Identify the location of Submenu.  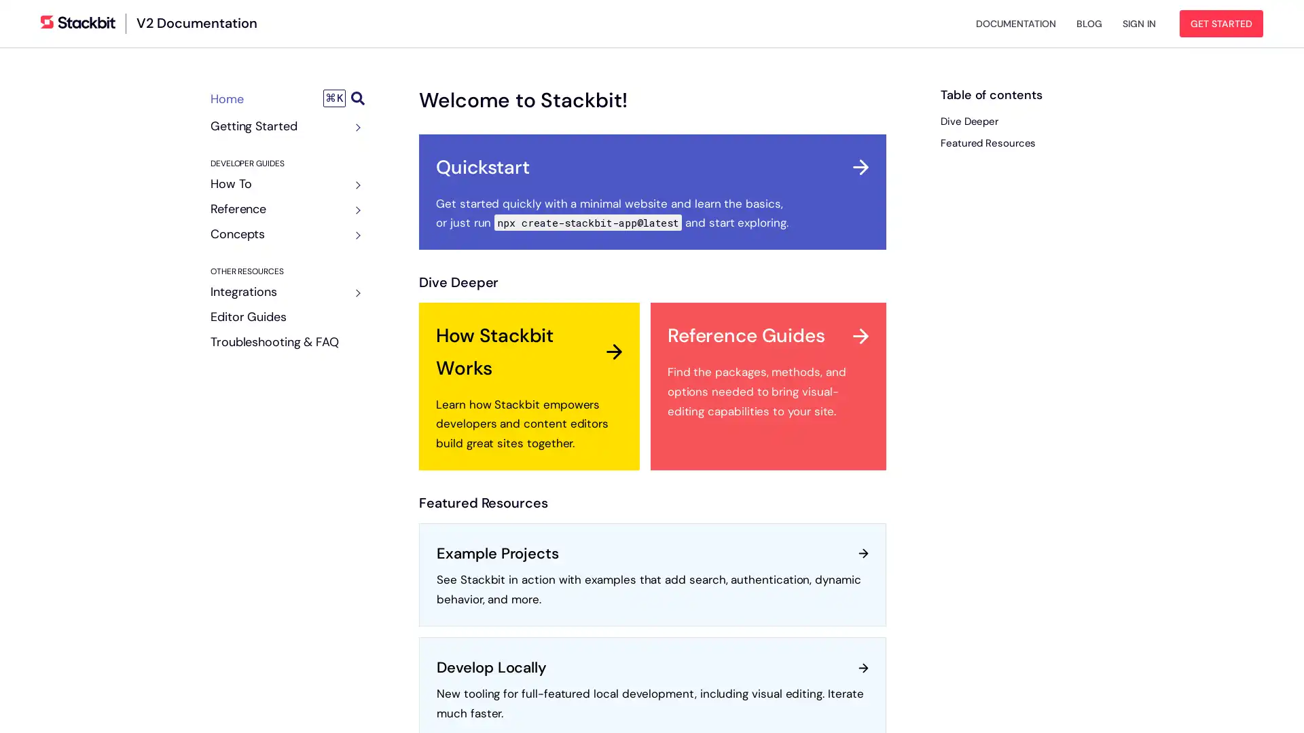
(355, 185).